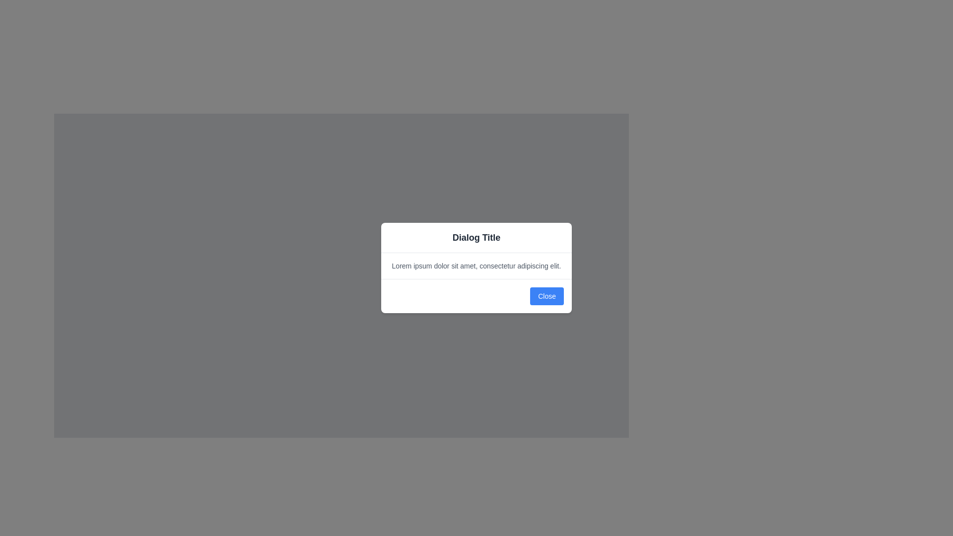 This screenshot has width=953, height=536. Describe the element at coordinates (476, 266) in the screenshot. I see `the descriptive text element located in the dialog box titled 'Dialog Title', positioned centrally above the 'Close' button` at that location.